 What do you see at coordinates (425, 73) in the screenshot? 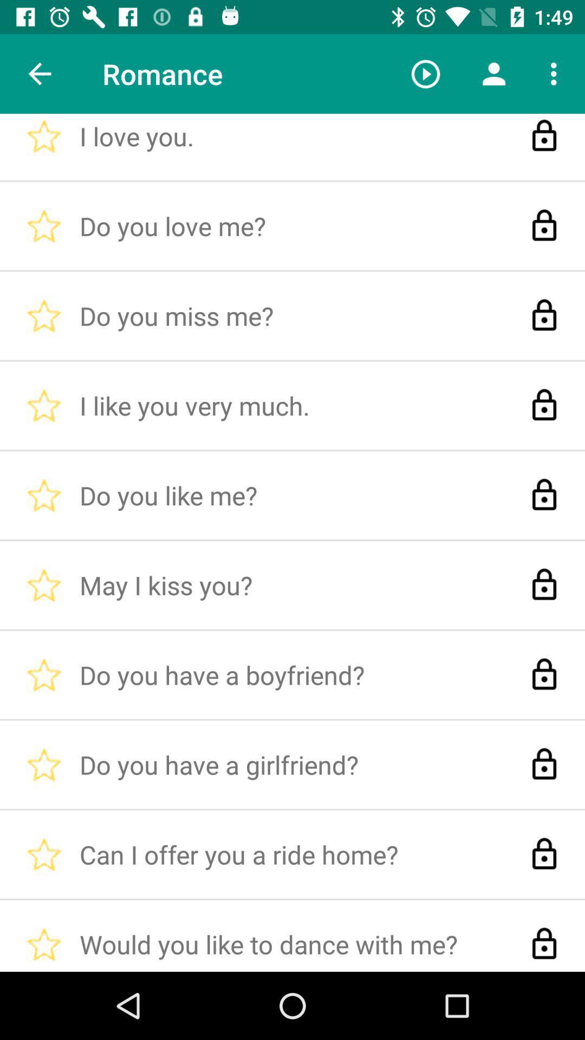
I see `the icon to the right of the romance item` at bounding box center [425, 73].